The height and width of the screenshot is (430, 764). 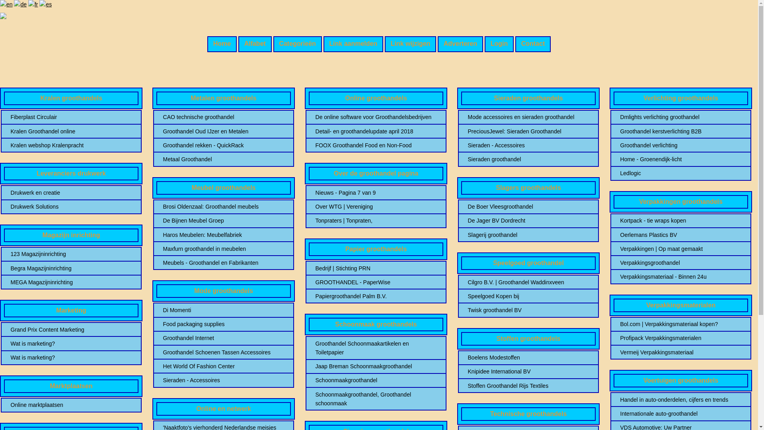 What do you see at coordinates (223, 352) in the screenshot?
I see `'Groothandel Schoenen Tassen Accessoires'` at bounding box center [223, 352].